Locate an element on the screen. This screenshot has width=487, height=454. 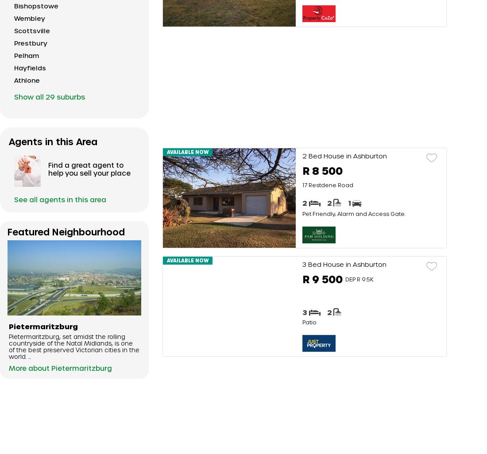
'Mkondeni' is located at coordinates (29, 328).